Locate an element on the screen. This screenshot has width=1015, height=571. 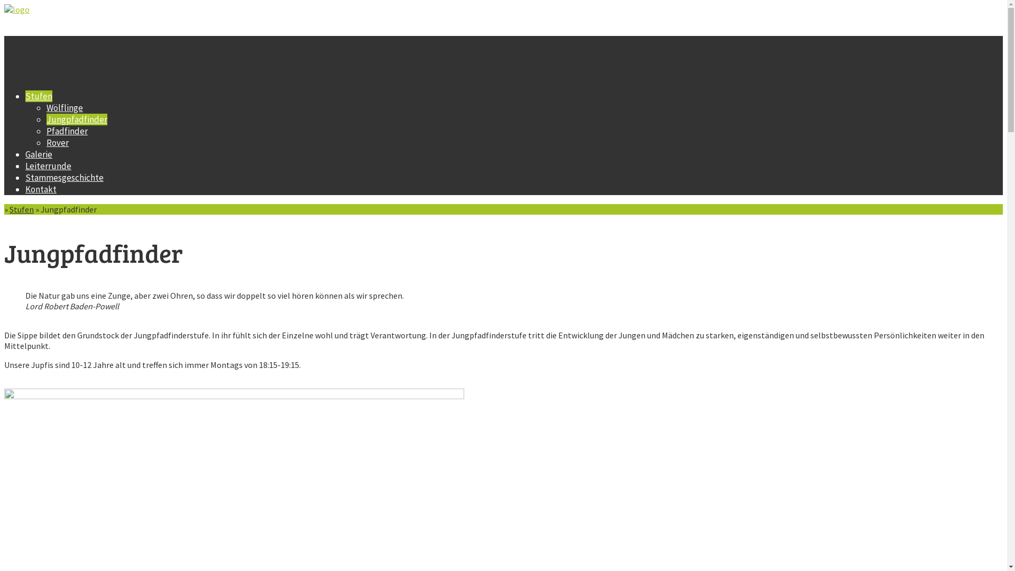
'Rover' is located at coordinates (57, 143).